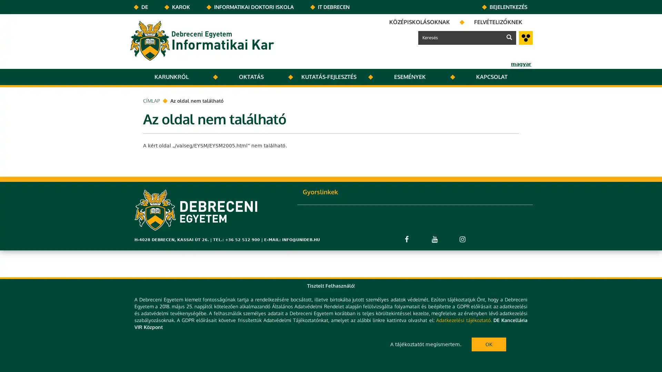 This screenshot has height=372, width=662. Describe the element at coordinates (488, 344) in the screenshot. I see `OK` at that location.